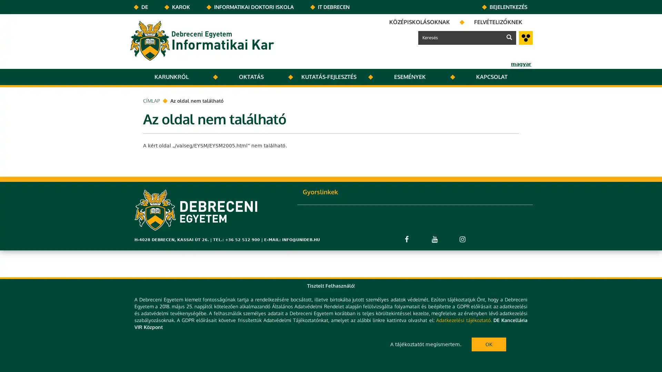 This screenshot has height=372, width=662. Describe the element at coordinates (488, 344) in the screenshot. I see `OK` at that location.